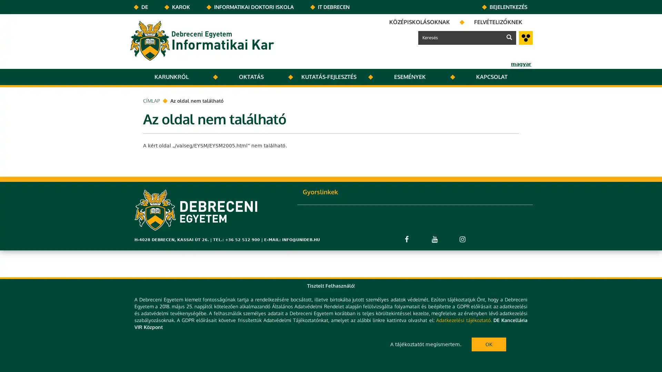 This screenshot has height=372, width=662. Describe the element at coordinates (488, 344) in the screenshot. I see `OK` at that location.